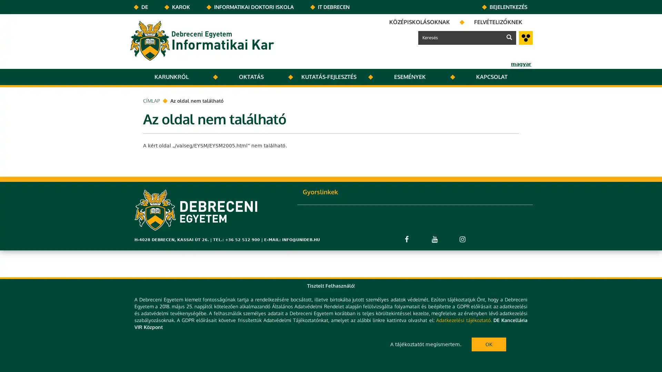 This screenshot has height=372, width=662. Describe the element at coordinates (488, 344) in the screenshot. I see `OK` at that location.